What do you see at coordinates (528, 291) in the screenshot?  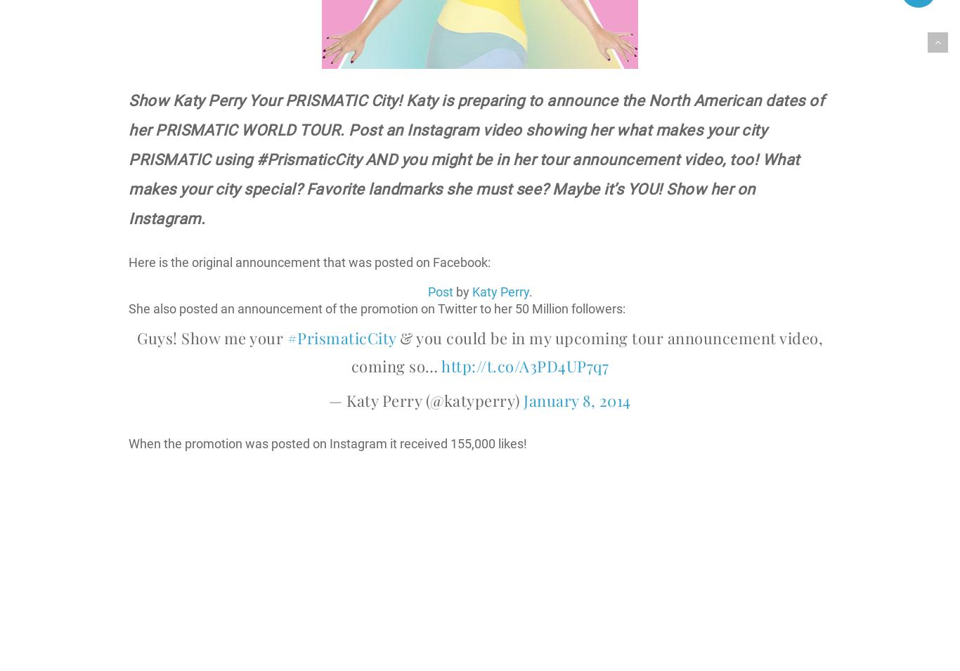 I see `'.'` at bounding box center [528, 291].